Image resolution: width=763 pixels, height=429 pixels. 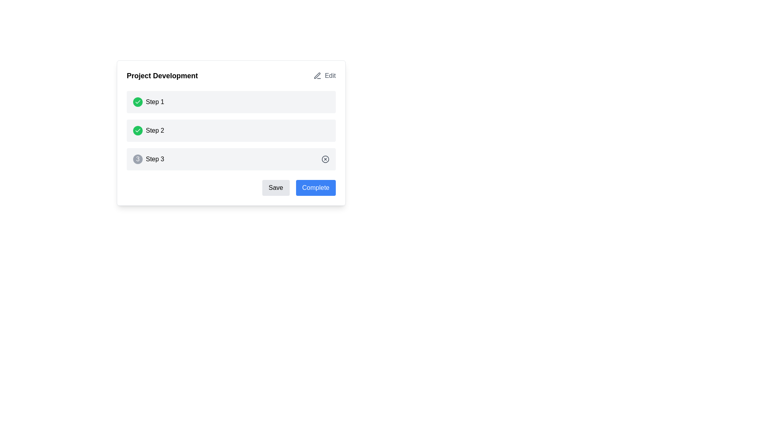 I want to click on the Text Label that describes the third step in the project development sequence, located below 'Step 1' and 'Step 2', so click(x=155, y=159).